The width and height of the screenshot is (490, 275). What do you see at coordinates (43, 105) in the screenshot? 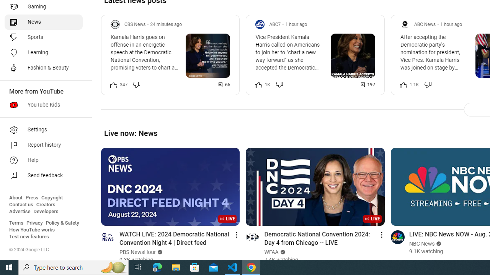
I see `'YouTube Kids'` at bounding box center [43, 105].